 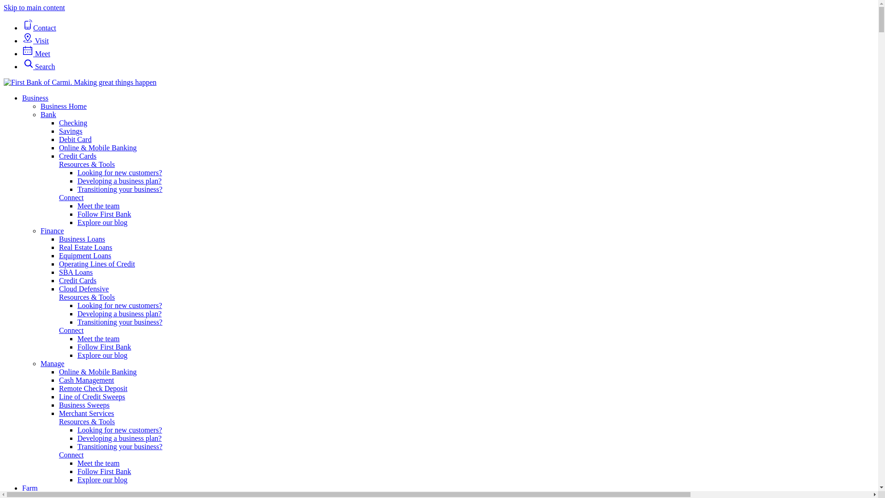 I want to click on 'First Bank of Carmi', so click(x=80, y=82).